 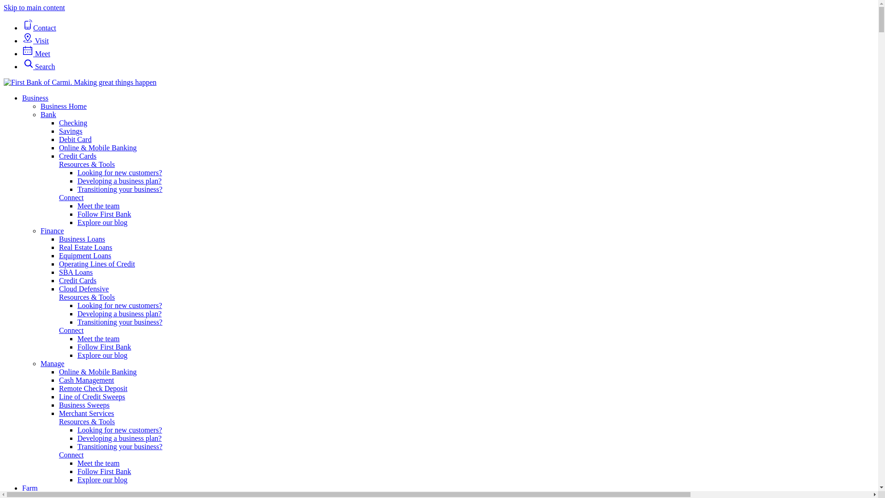 I want to click on 'First Bank of Carmi', so click(x=80, y=82).